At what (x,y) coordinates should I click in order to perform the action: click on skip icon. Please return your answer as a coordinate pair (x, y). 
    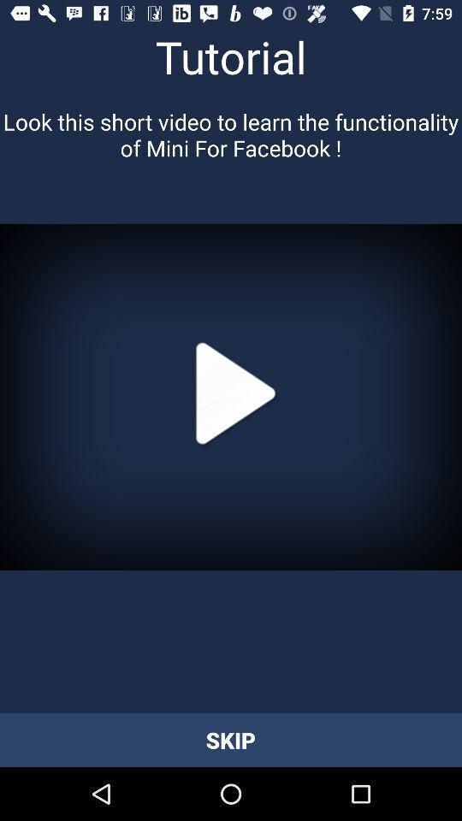
    Looking at the image, I should click on (231, 739).